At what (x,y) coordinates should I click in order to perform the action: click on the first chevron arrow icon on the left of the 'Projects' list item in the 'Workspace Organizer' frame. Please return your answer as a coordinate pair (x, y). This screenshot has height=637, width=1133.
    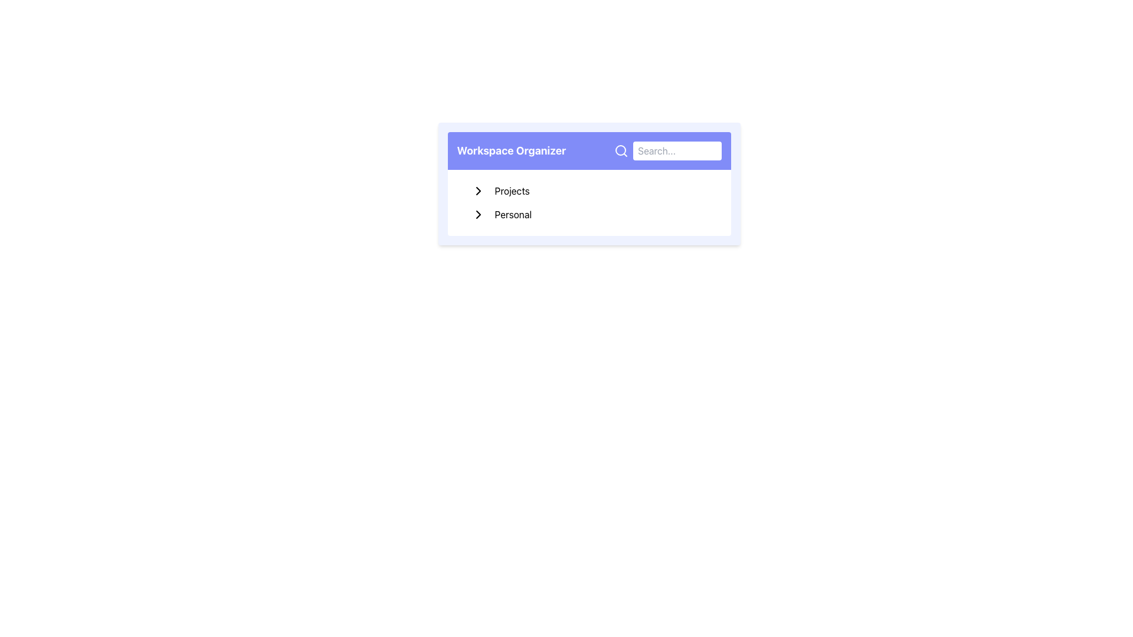
    Looking at the image, I should click on (478, 191).